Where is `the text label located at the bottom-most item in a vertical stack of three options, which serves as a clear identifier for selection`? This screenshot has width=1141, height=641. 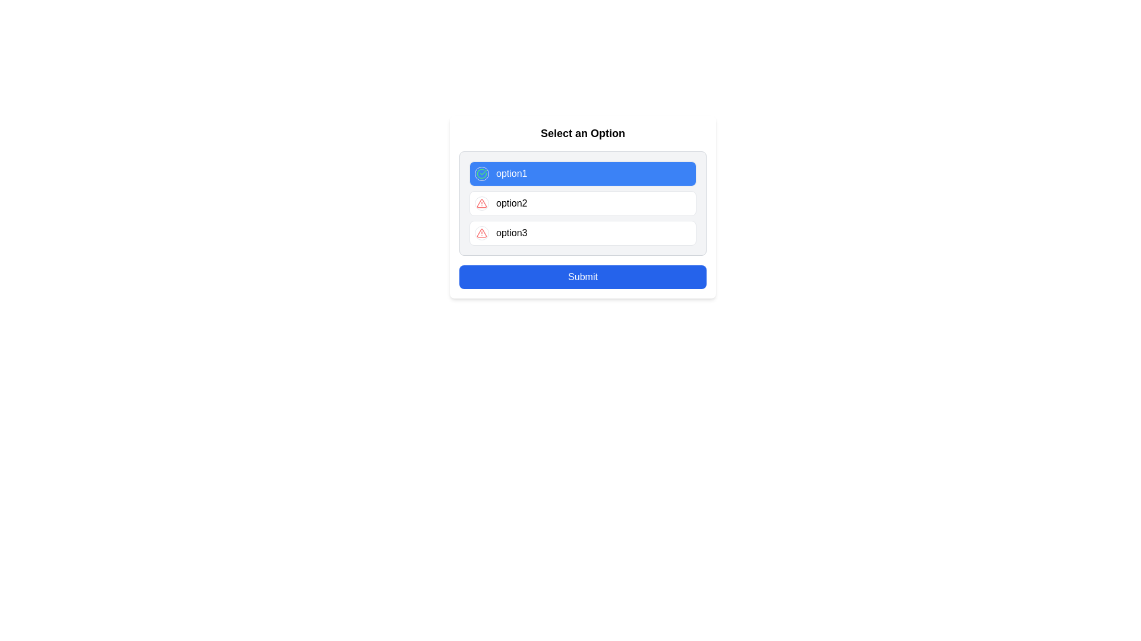
the text label located at the bottom-most item in a vertical stack of three options, which serves as a clear identifier for selection is located at coordinates (512, 233).